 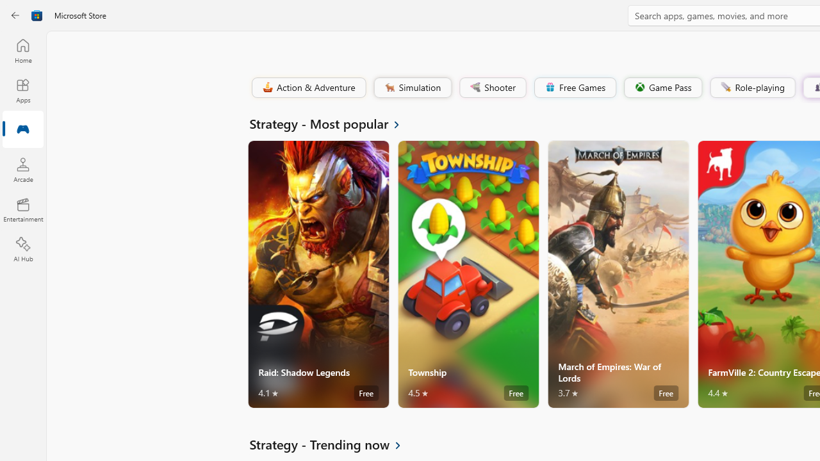 What do you see at coordinates (467, 273) in the screenshot?
I see `'Township. Average rating of 4.5 out of five stars. Free  '` at bounding box center [467, 273].